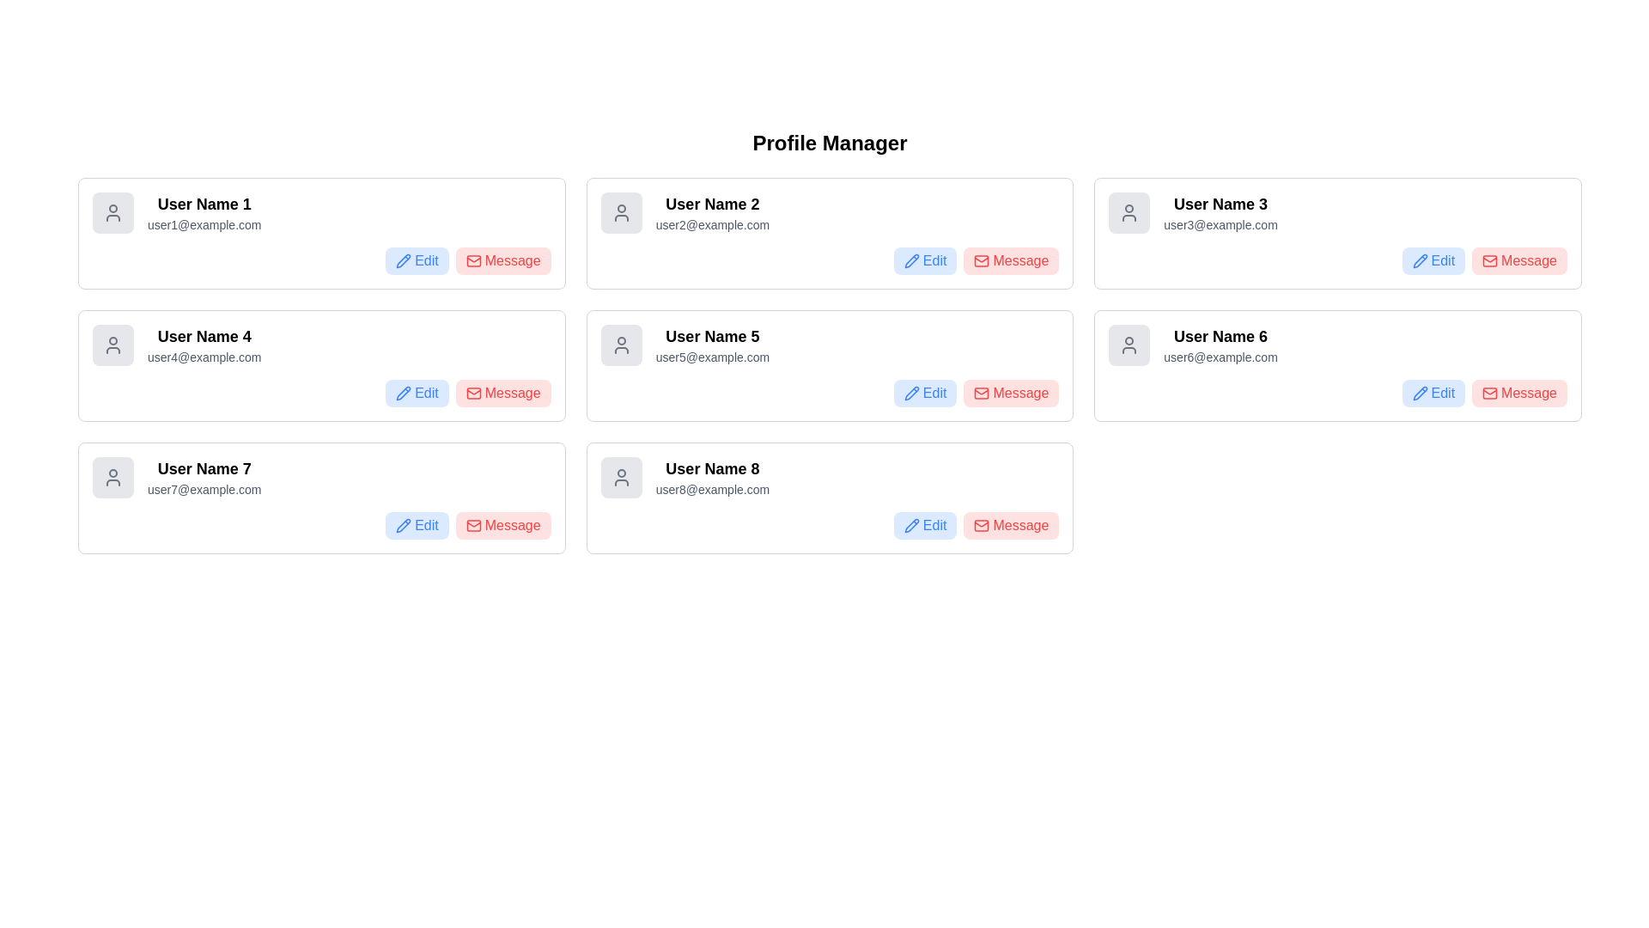 The width and height of the screenshot is (1649, 928). What do you see at coordinates (417, 261) in the screenshot?
I see `the 'Edit' button located to the right of the first user's card in the grid layout` at bounding box center [417, 261].